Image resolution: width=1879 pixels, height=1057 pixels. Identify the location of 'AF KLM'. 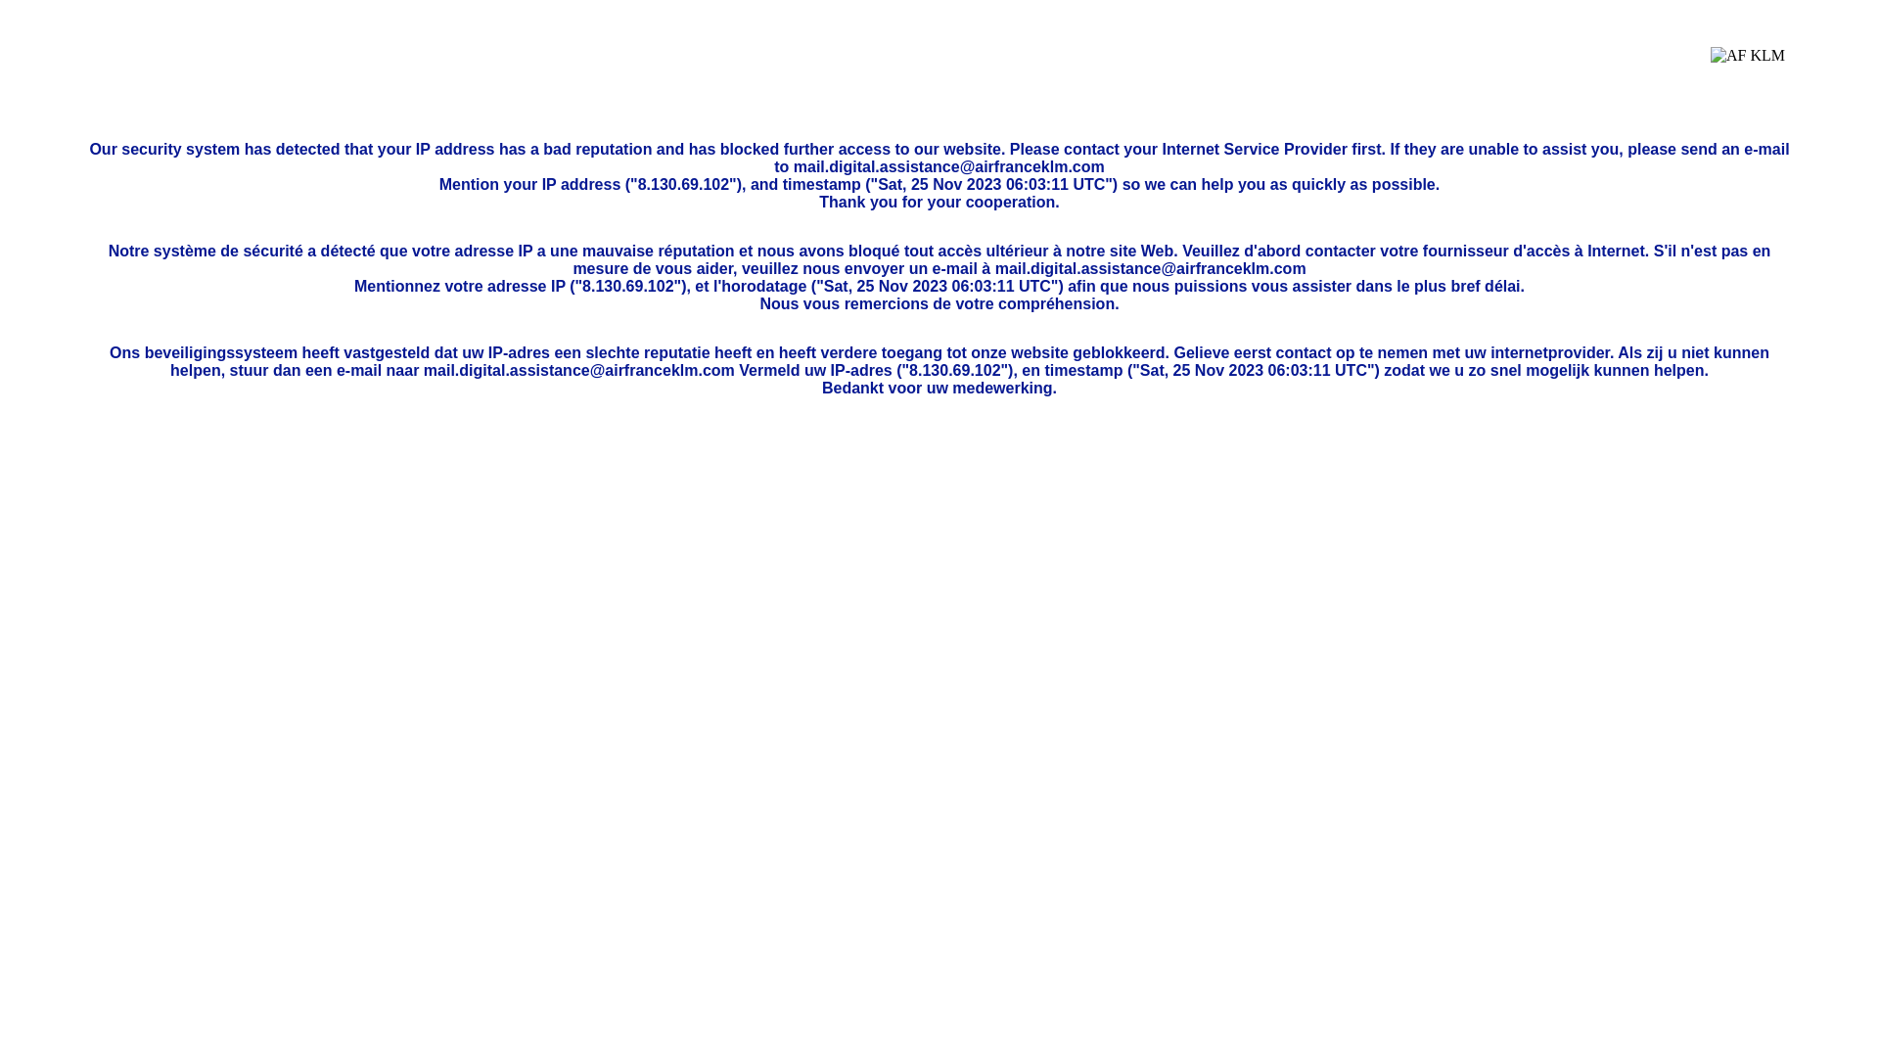
(1747, 69).